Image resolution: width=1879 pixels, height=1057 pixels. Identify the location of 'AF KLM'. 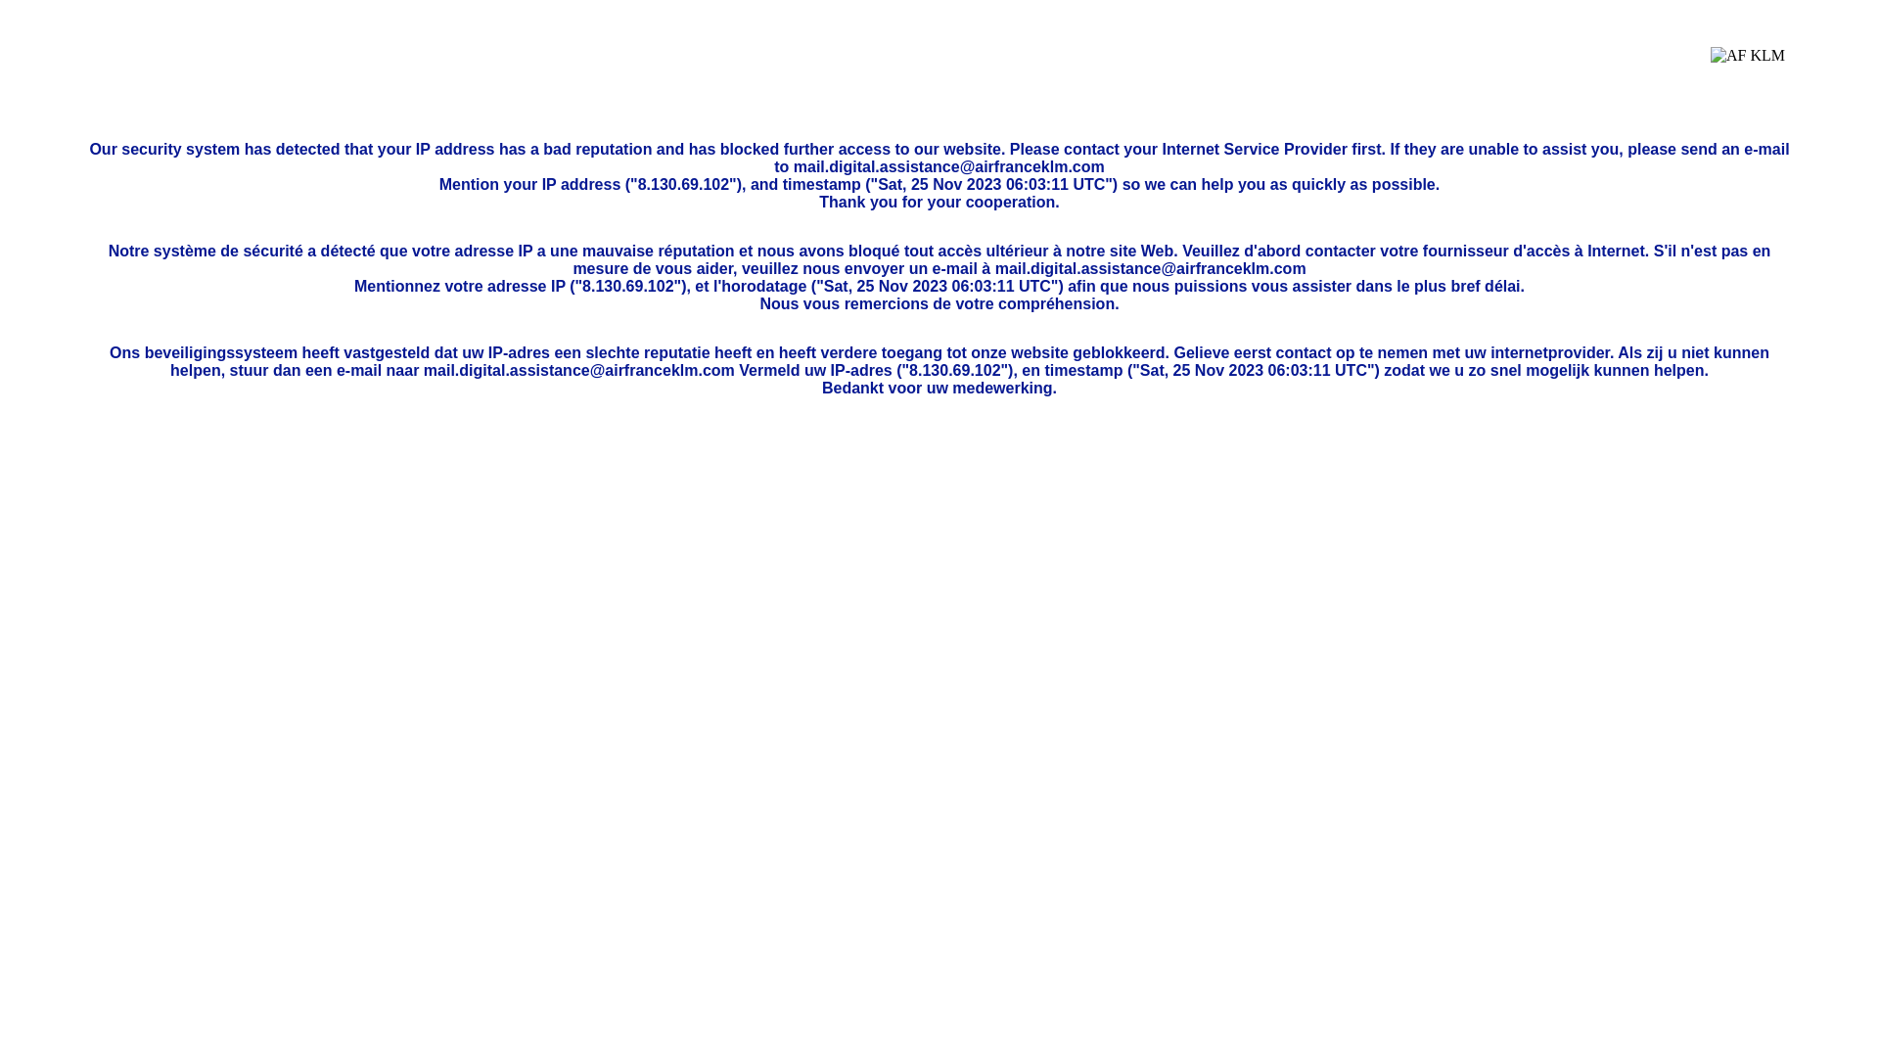
(1747, 69).